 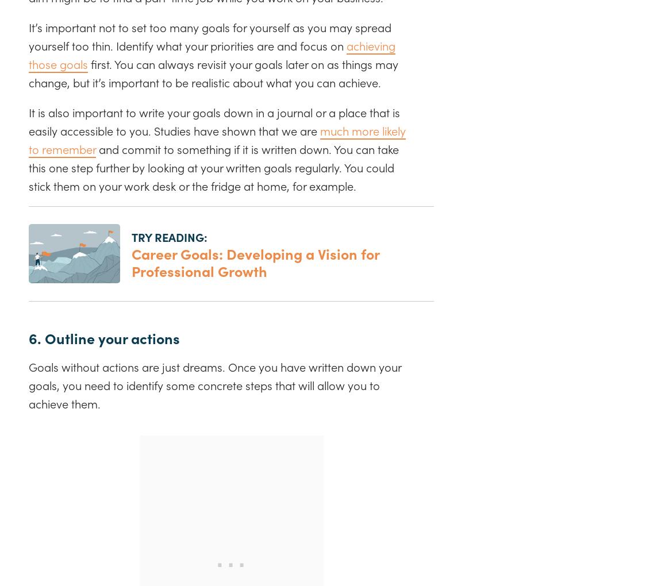 What do you see at coordinates (169, 236) in the screenshot?
I see `'TRY READING:'` at bounding box center [169, 236].